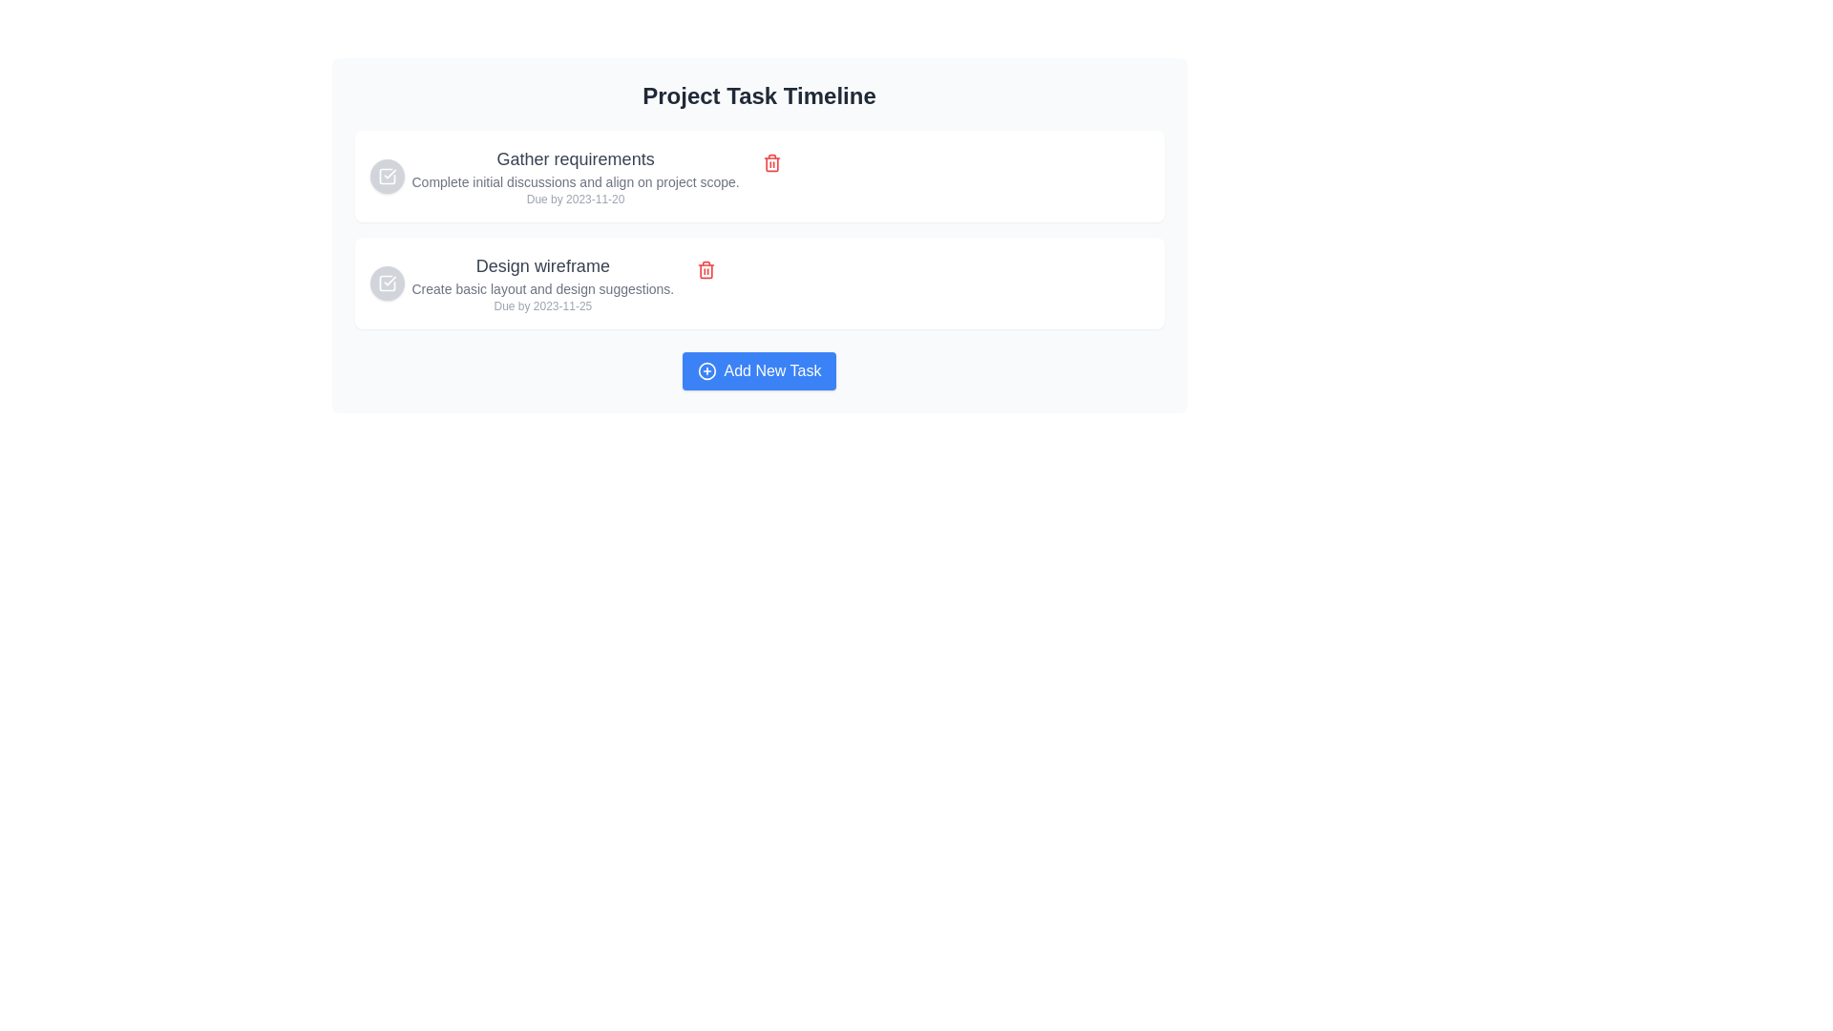 Image resolution: width=1833 pixels, height=1031 pixels. What do you see at coordinates (386, 177) in the screenshot?
I see `the completion icon located to the left of the 'Gather requirements' task title in the project task list to mark the task as complete` at bounding box center [386, 177].